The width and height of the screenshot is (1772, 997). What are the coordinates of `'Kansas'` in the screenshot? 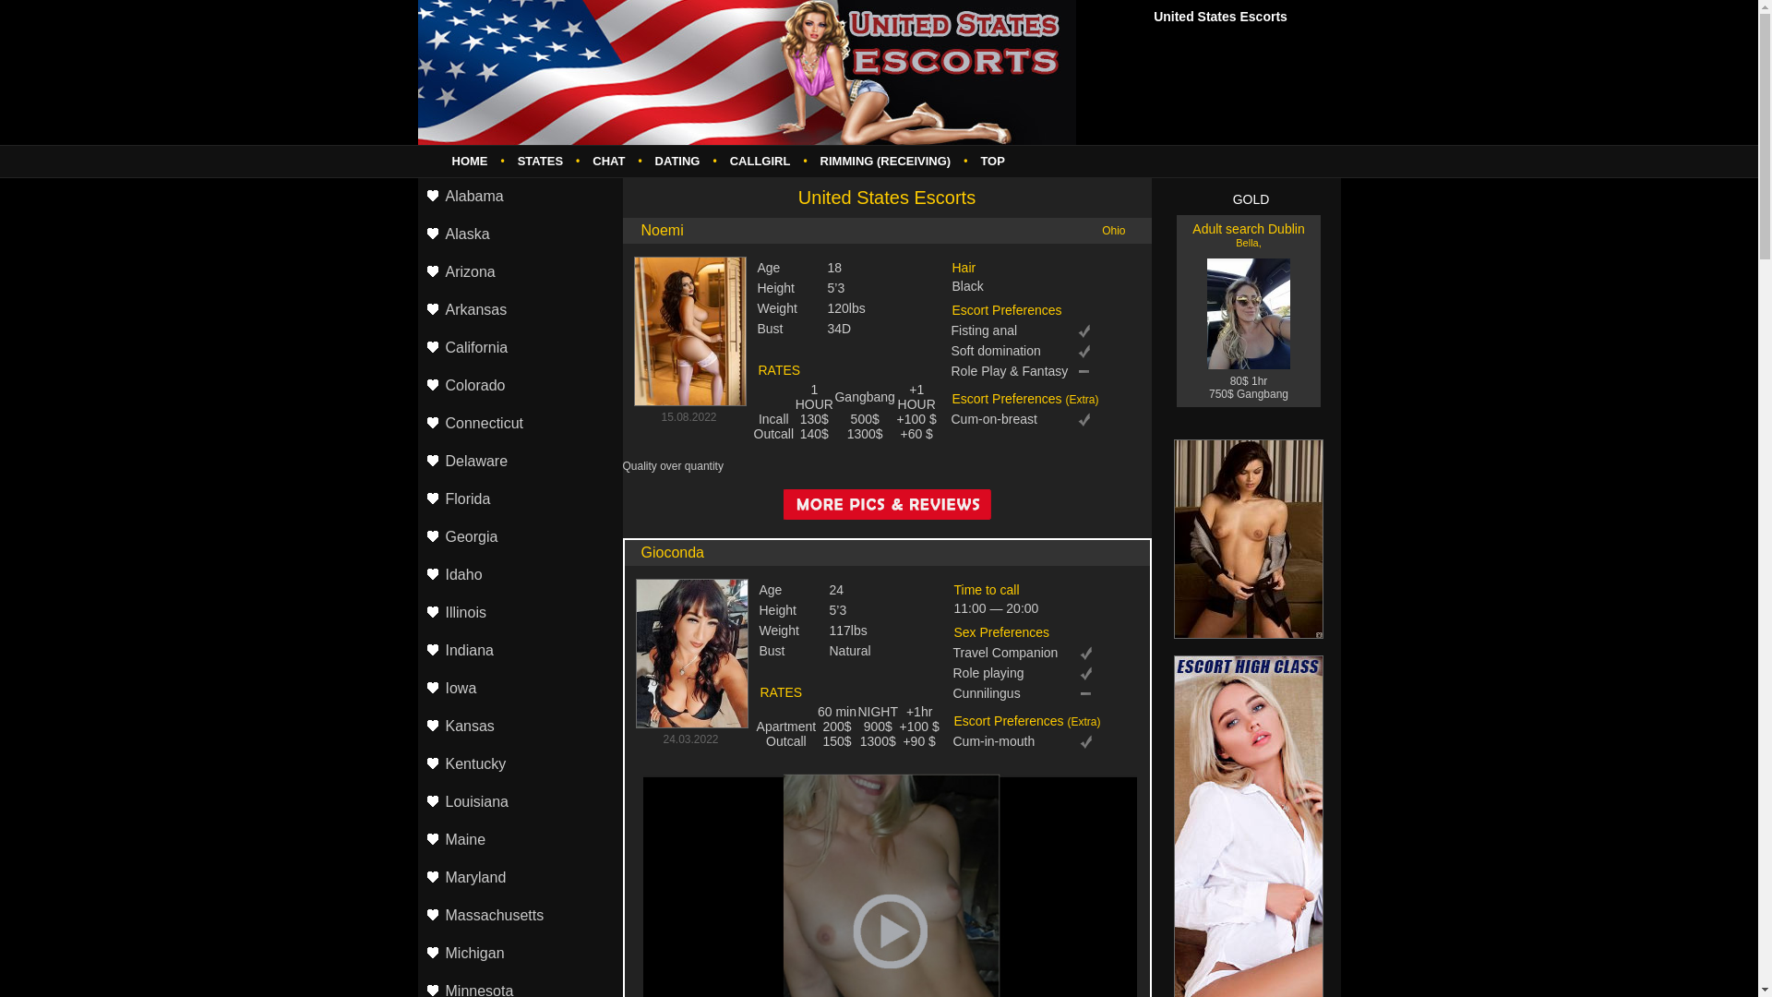 It's located at (517, 726).